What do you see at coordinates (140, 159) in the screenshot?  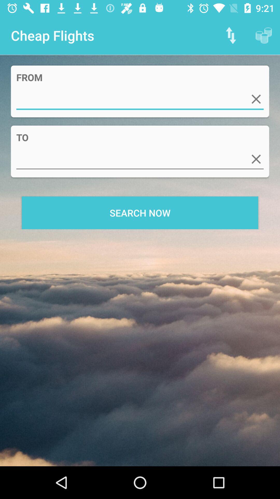 I see `destination` at bounding box center [140, 159].